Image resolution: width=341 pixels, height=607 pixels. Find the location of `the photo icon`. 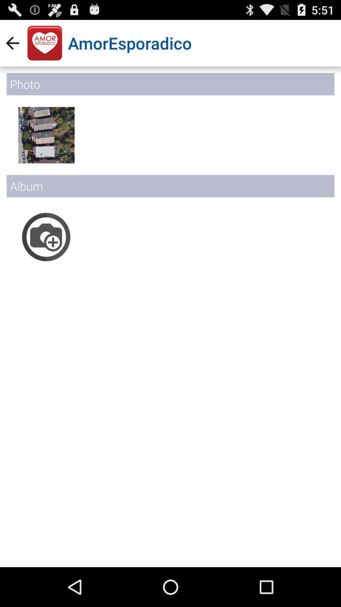

the photo icon is located at coordinates (46, 254).